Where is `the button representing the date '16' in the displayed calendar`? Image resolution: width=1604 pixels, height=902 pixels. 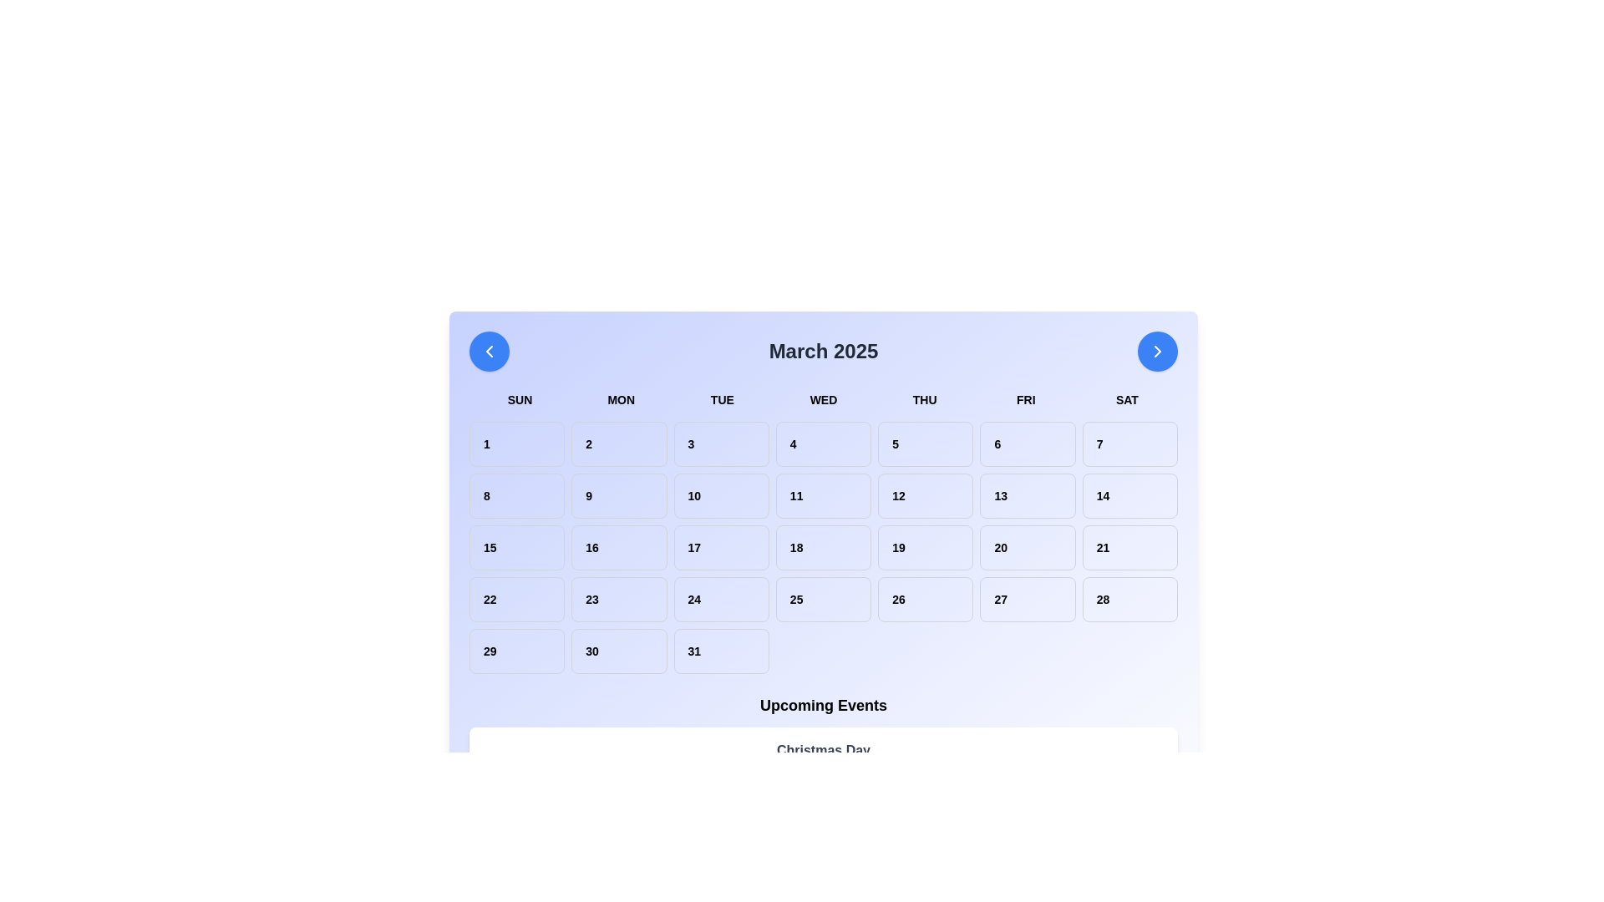 the button representing the date '16' in the displayed calendar is located at coordinates (618, 547).